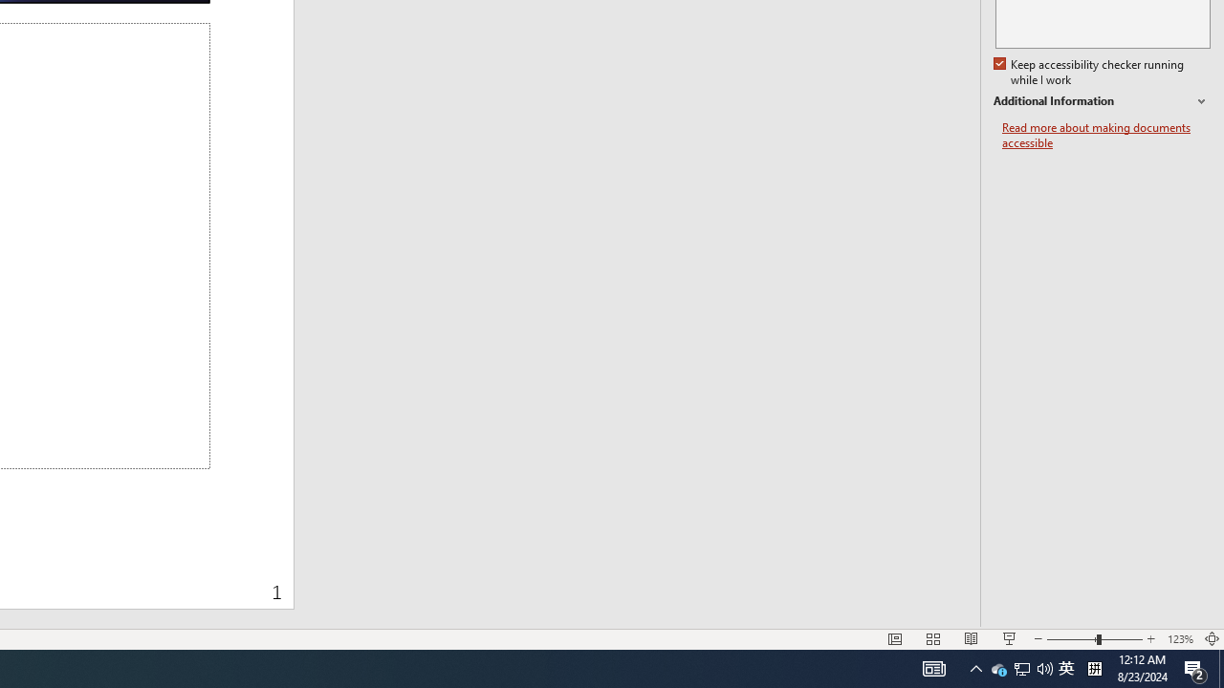  What do you see at coordinates (1179, 639) in the screenshot?
I see `'Zoom 123%'` at bounding box center [1179, 639].